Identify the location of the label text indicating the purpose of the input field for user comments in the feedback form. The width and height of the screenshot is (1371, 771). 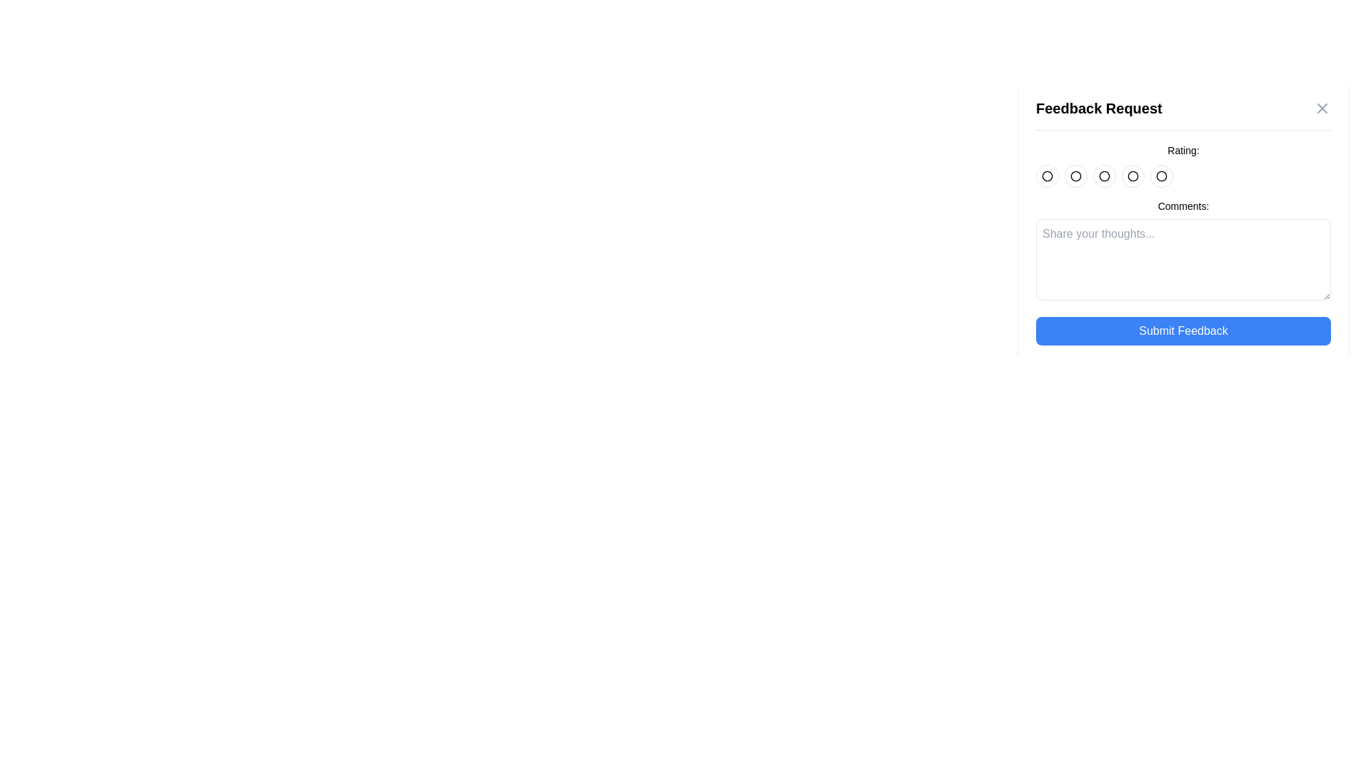
(1183, 206).